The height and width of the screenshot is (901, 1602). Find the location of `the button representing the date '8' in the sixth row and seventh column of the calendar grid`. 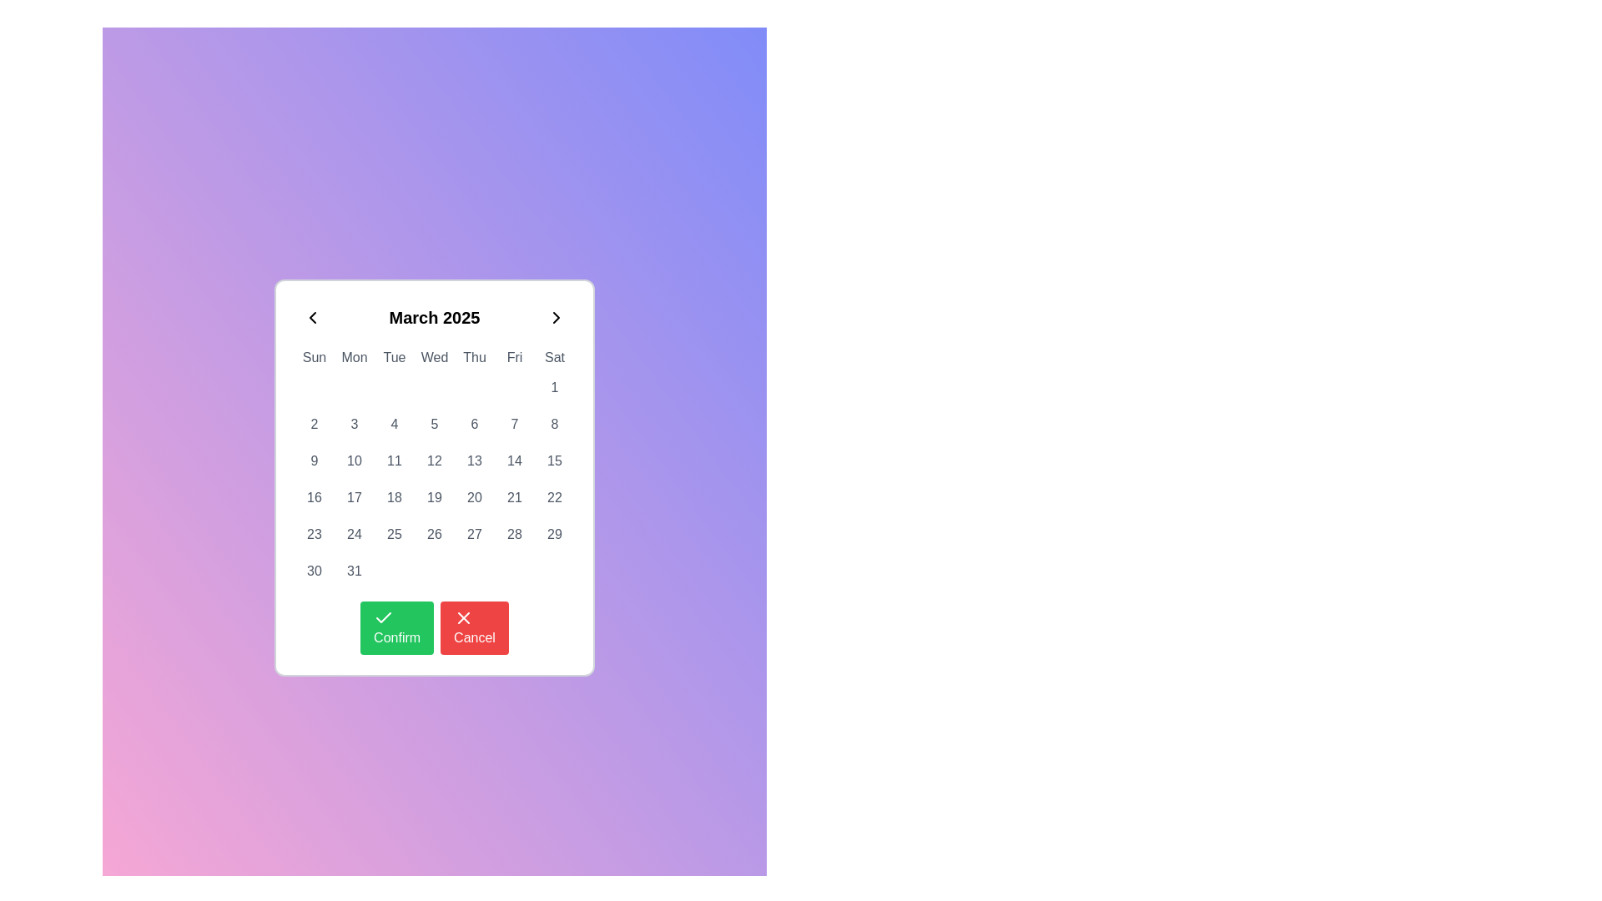

the button representing the date '8' in the sixth row and seventh column of the calendar grid is located at coordinates (555, 424).